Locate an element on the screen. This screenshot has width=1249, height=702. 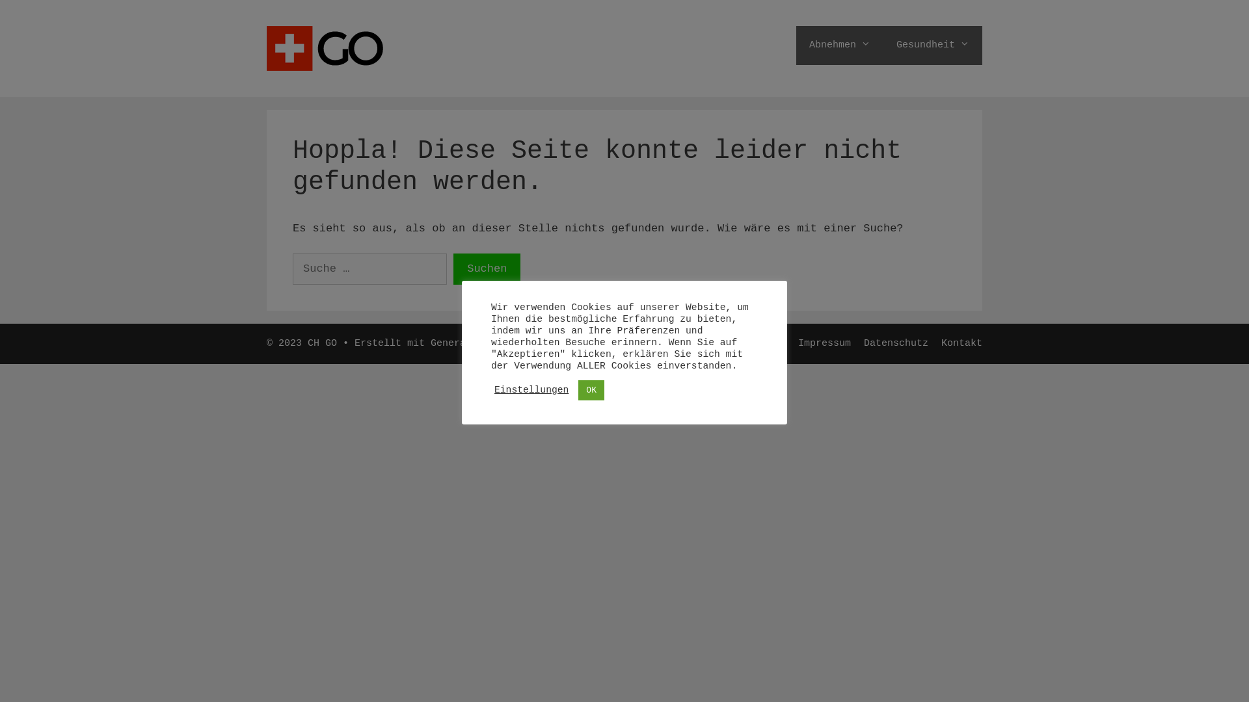
'Suchen' is located at coordinates (486, 268).